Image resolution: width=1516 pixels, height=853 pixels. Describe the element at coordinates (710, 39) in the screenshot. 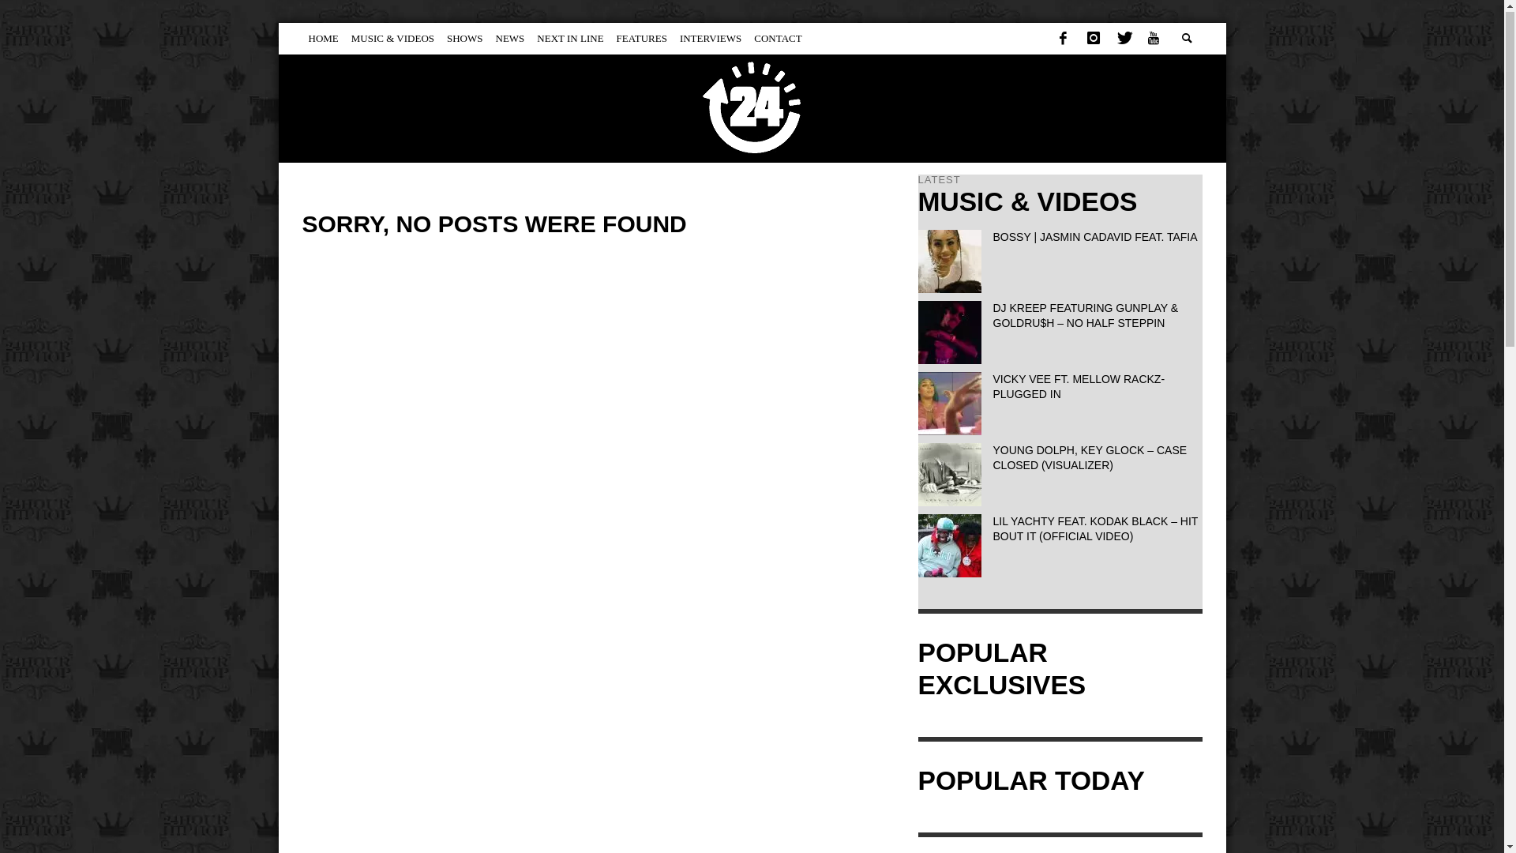

I see `'INTERVIEWS'` at that location.